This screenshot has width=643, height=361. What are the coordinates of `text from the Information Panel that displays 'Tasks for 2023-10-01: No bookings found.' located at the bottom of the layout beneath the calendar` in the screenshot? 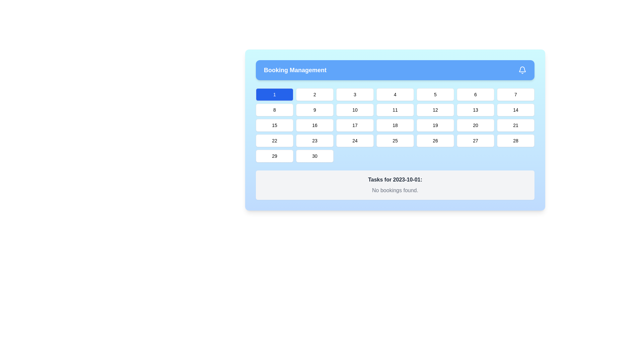 It's located at (395, 185).